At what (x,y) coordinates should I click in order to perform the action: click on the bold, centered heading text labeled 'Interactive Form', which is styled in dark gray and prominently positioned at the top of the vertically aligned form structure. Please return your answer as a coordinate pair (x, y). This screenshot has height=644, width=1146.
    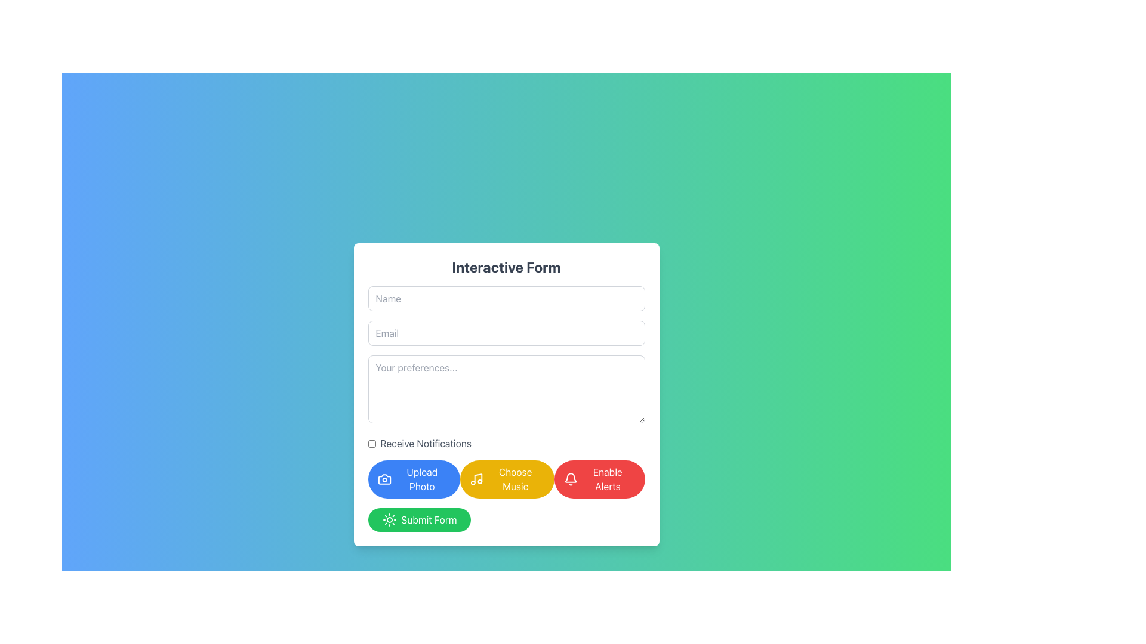
    Looking at the image, I should click on (506, 266).